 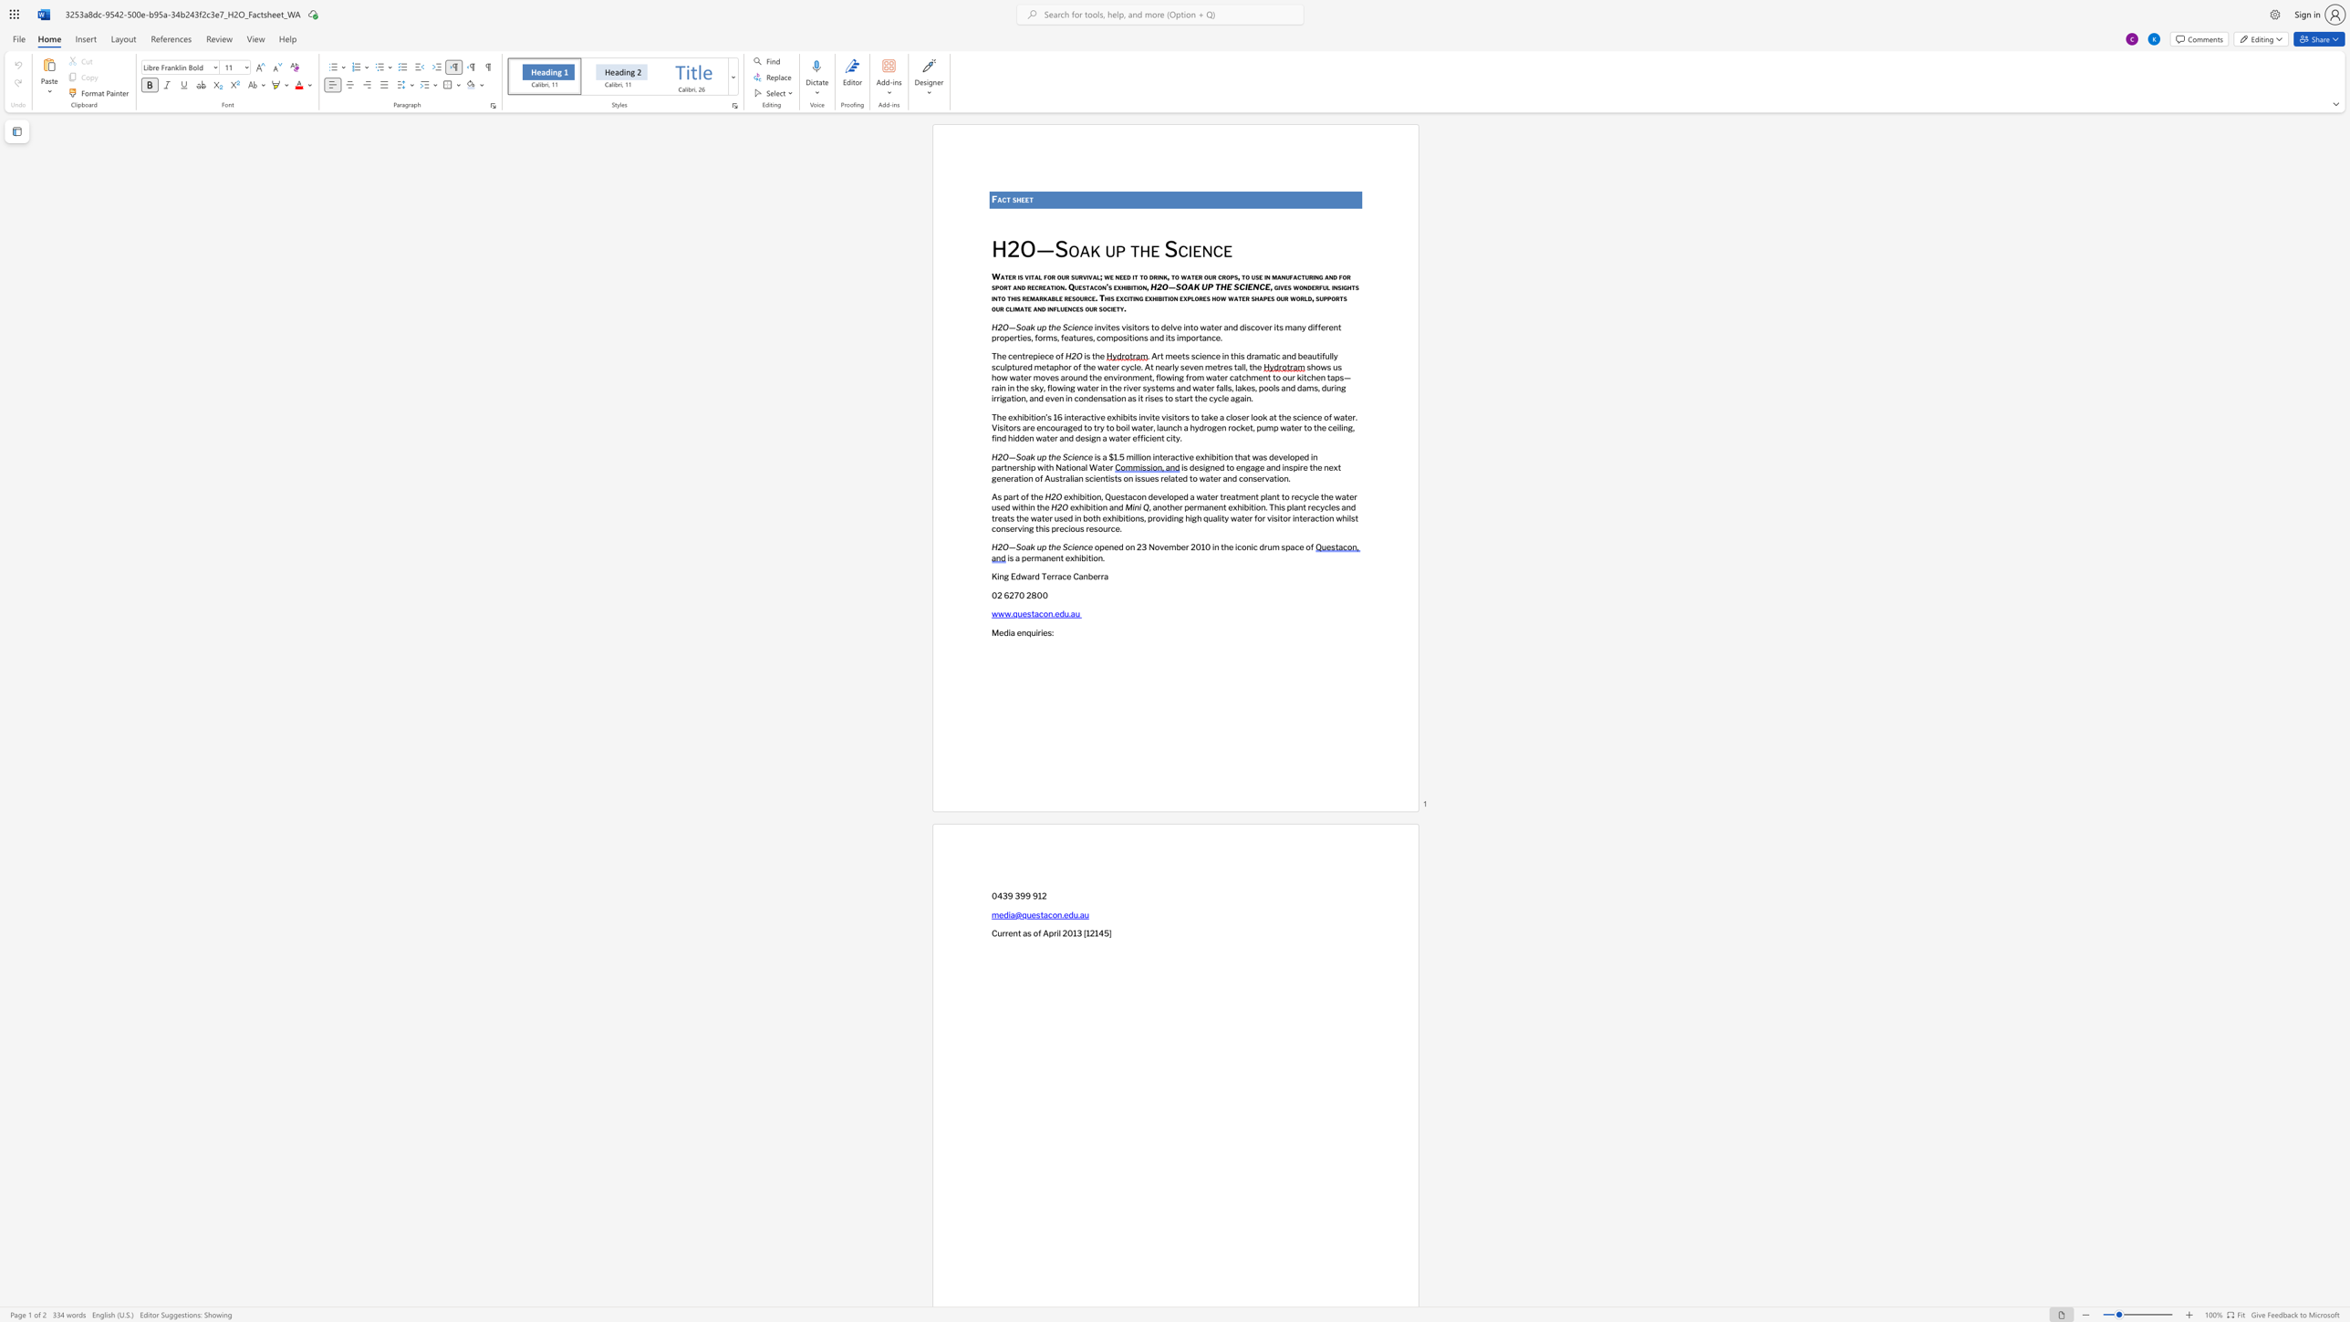 I want to click on the subset text "t exhib" within the text "is a permanent exhibition.", so click(x=1059, y=557).